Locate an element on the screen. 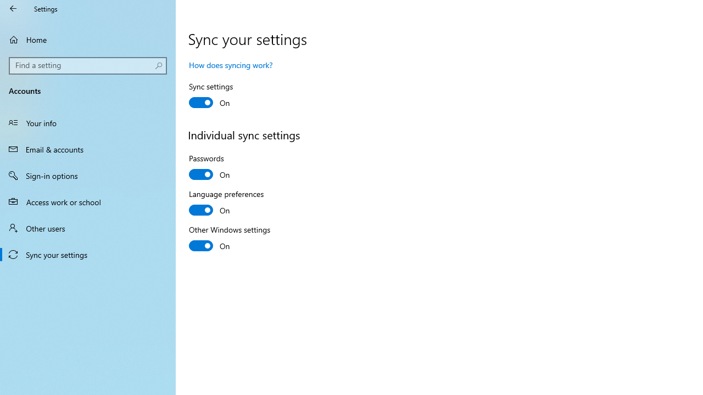 The width and height of the screenshot is (703, 395). 'Sync settings' is located at coordinates (228, 95).